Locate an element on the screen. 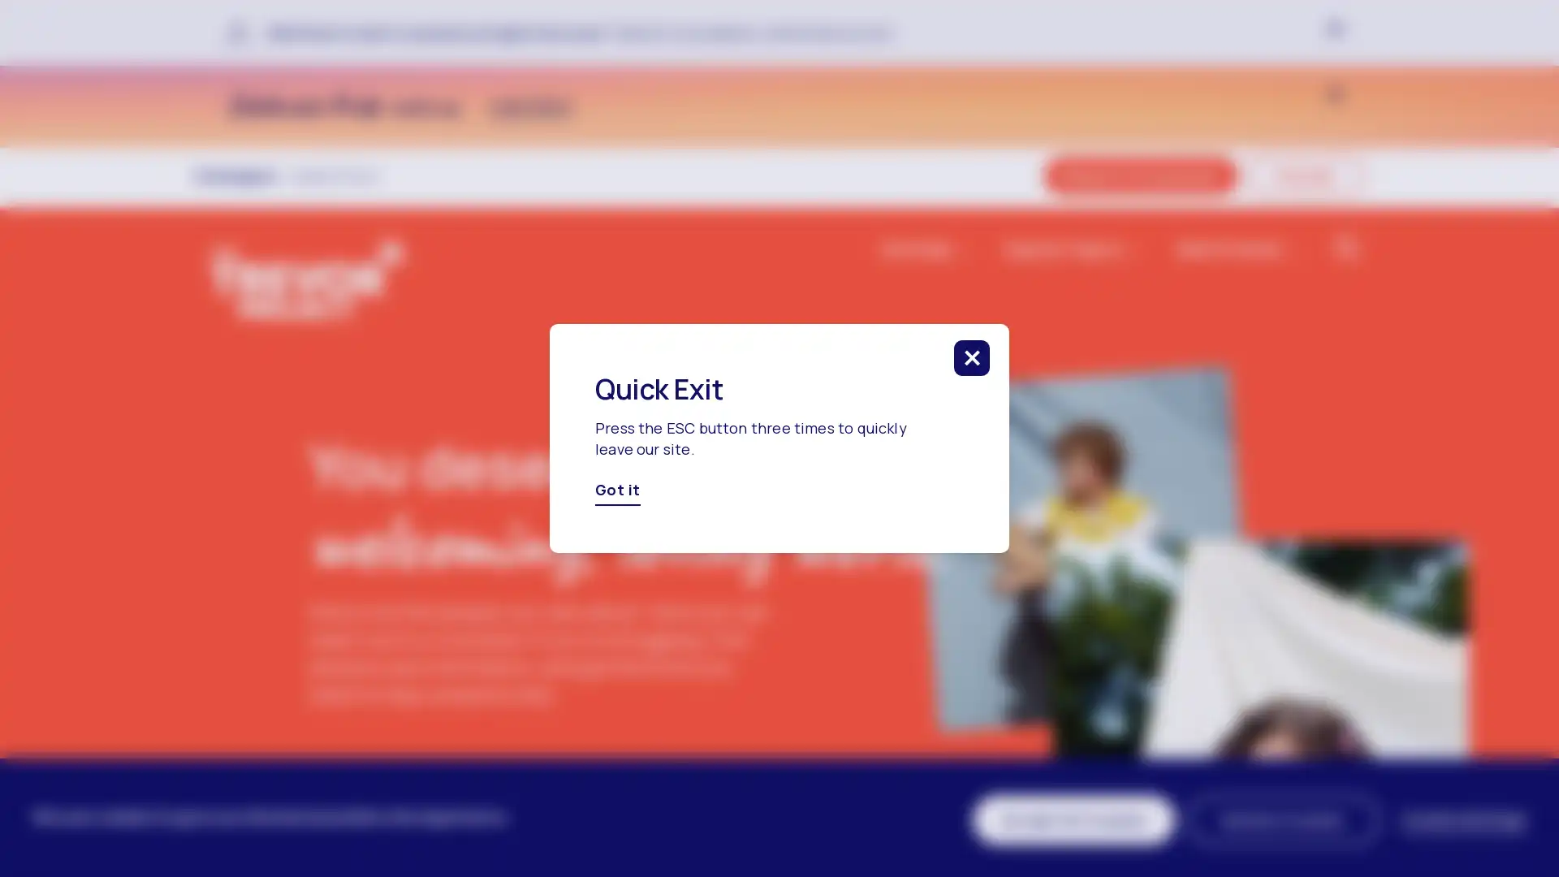  Decline Cookies is located at coordinates (1281, 820).